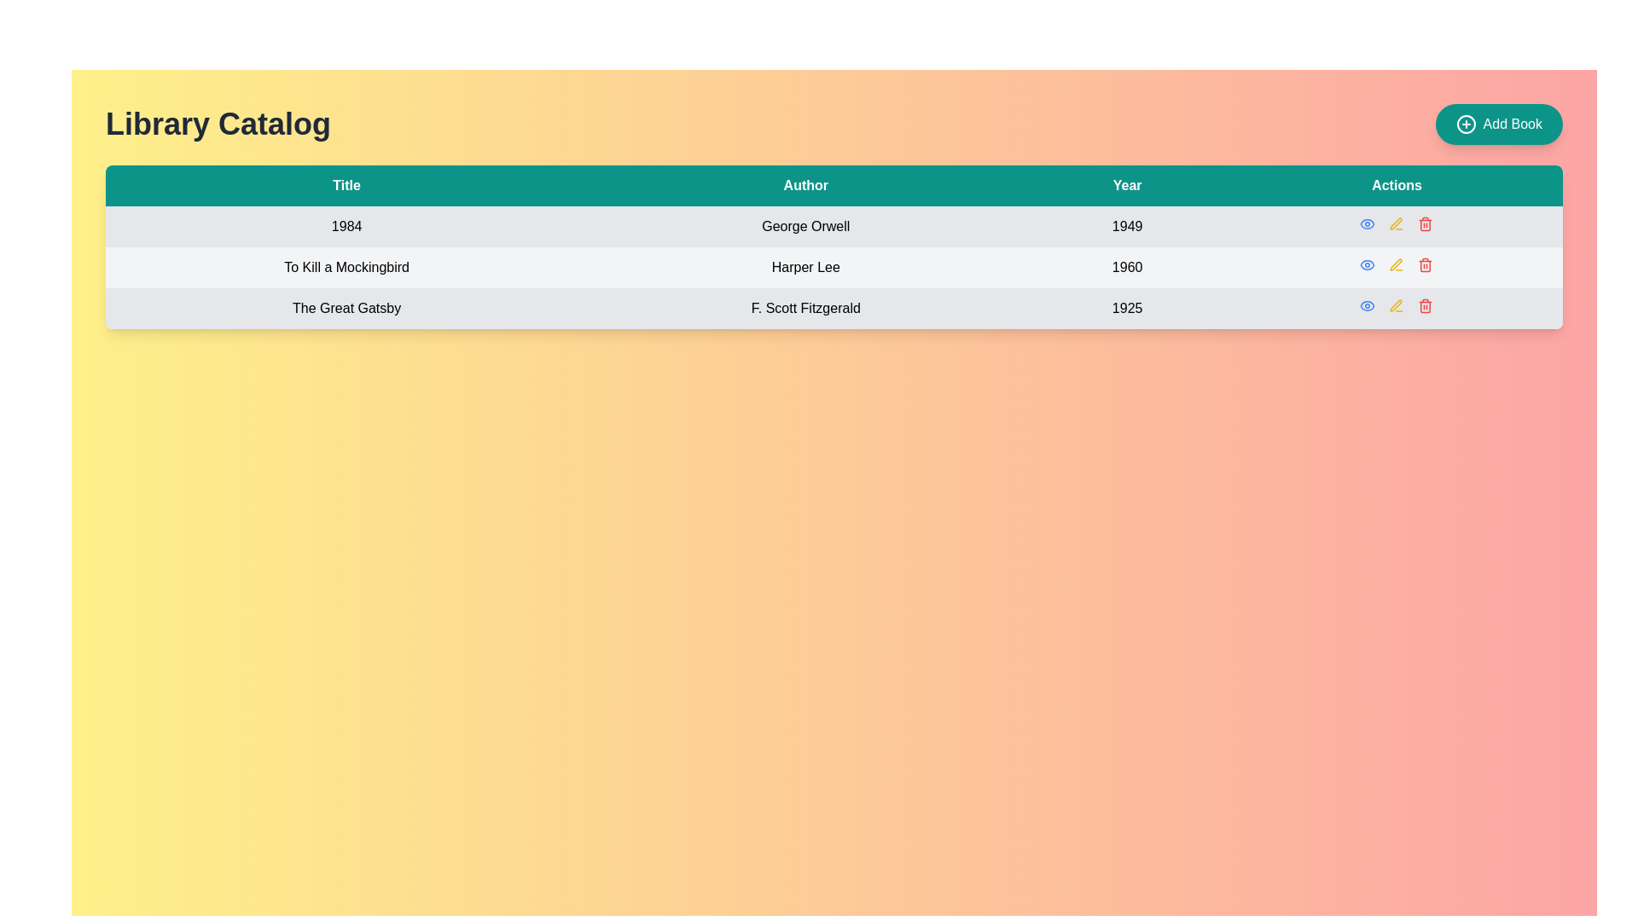  What do you see at coordinates (1397, 304) in the screenshot?
I see `the 'Edit' button represented by the pen icon, which is the second icon in the 'Actions' column of the third row in the table, to initiate edit mode` at bounding box center [1397, 304].